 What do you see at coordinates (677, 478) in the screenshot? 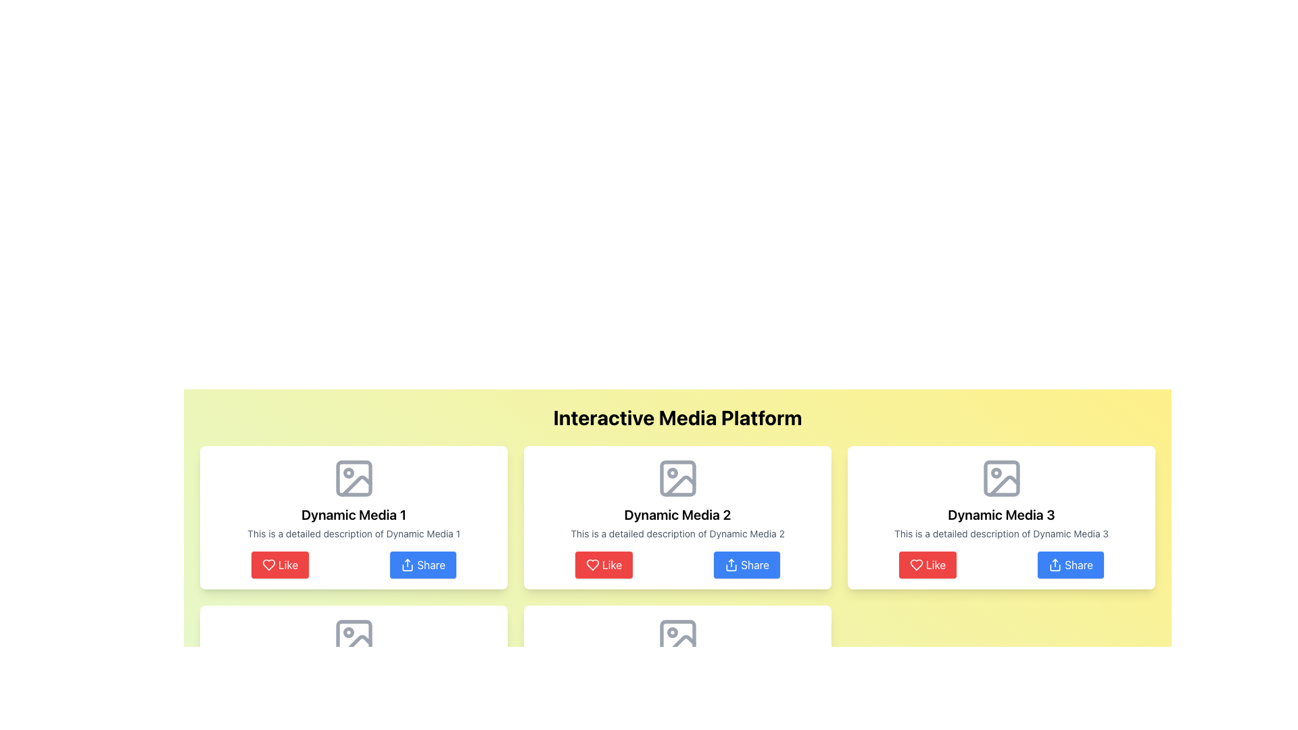
I see `the visual background element of the image icon at the top-center of the 'Dynamic Media 2' card, which is the bottom-most layer behind the small circle and diagonal line` at bounding box center [677, 478].